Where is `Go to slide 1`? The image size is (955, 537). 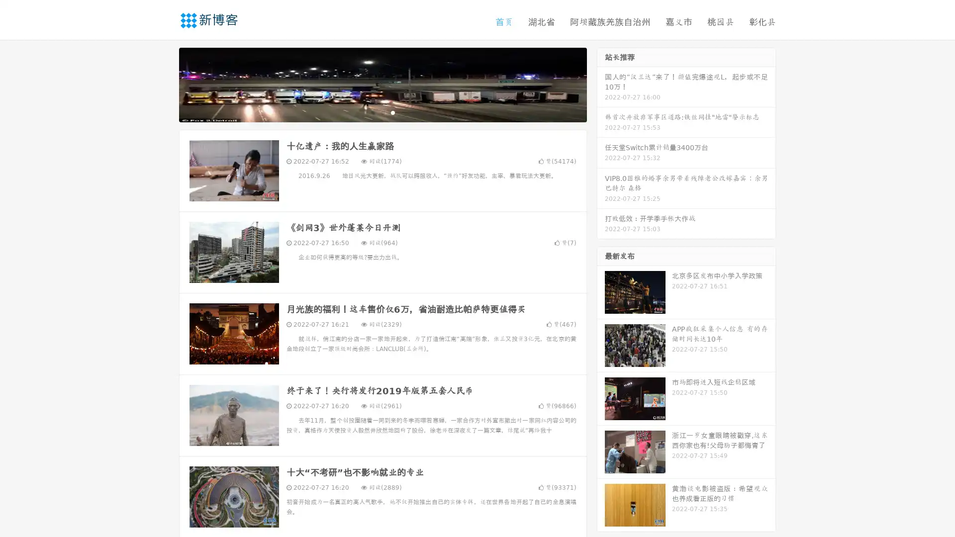 Go to slide 1 is located at coordinates (372, 112).